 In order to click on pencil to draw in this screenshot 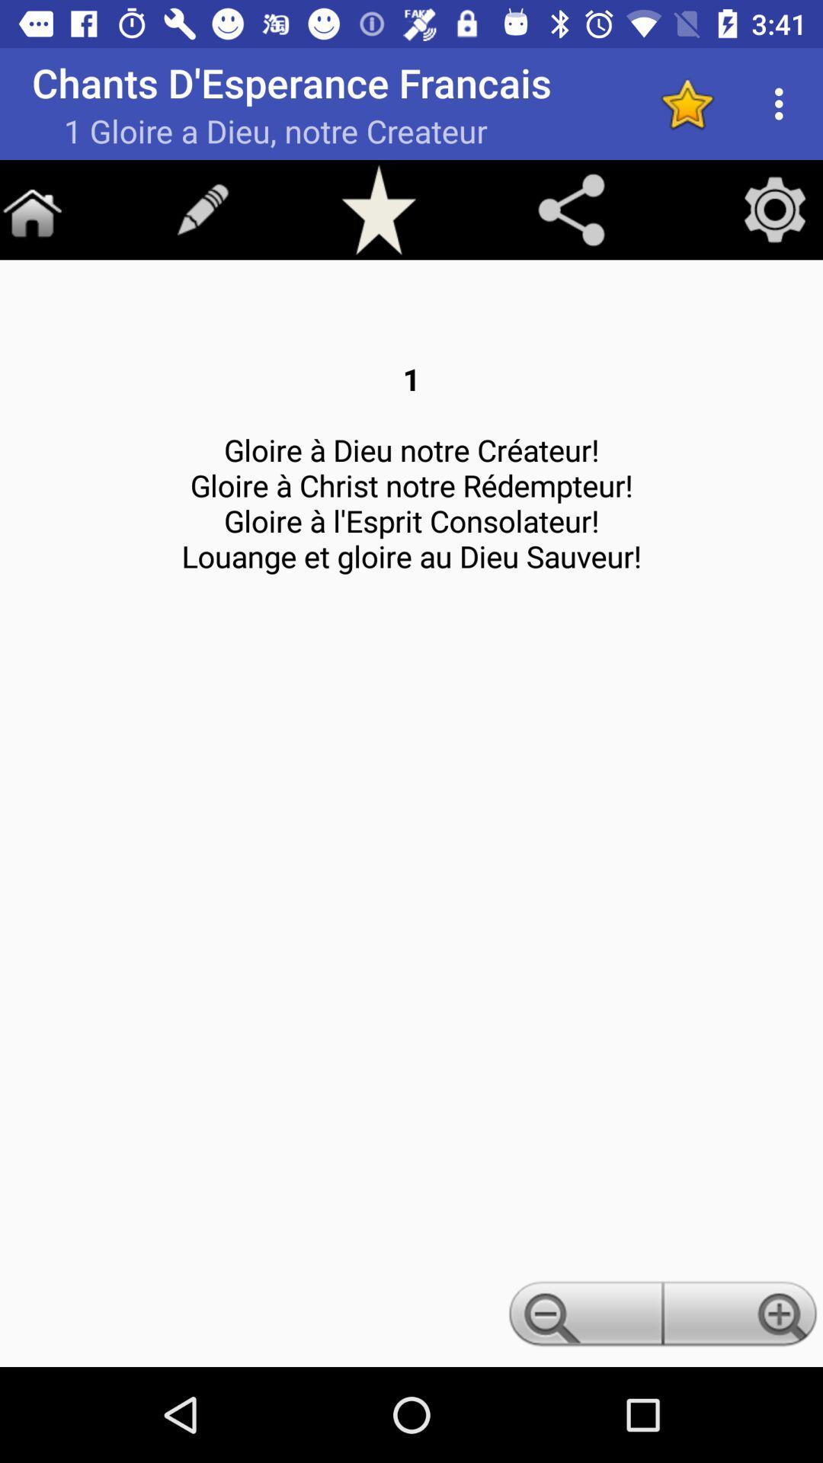, I will do `click(202, 209)`.